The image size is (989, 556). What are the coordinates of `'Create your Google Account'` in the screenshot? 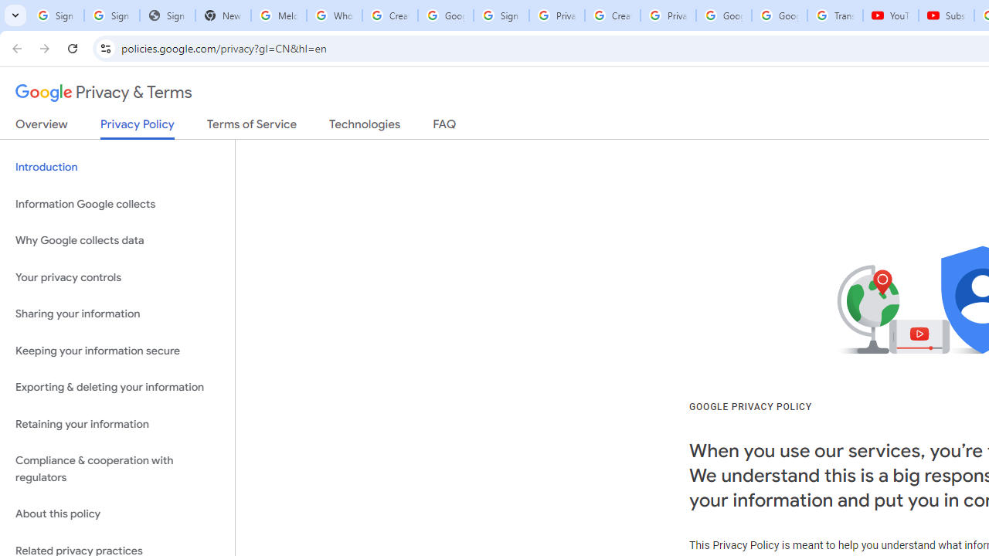 It's located at (611, 15).